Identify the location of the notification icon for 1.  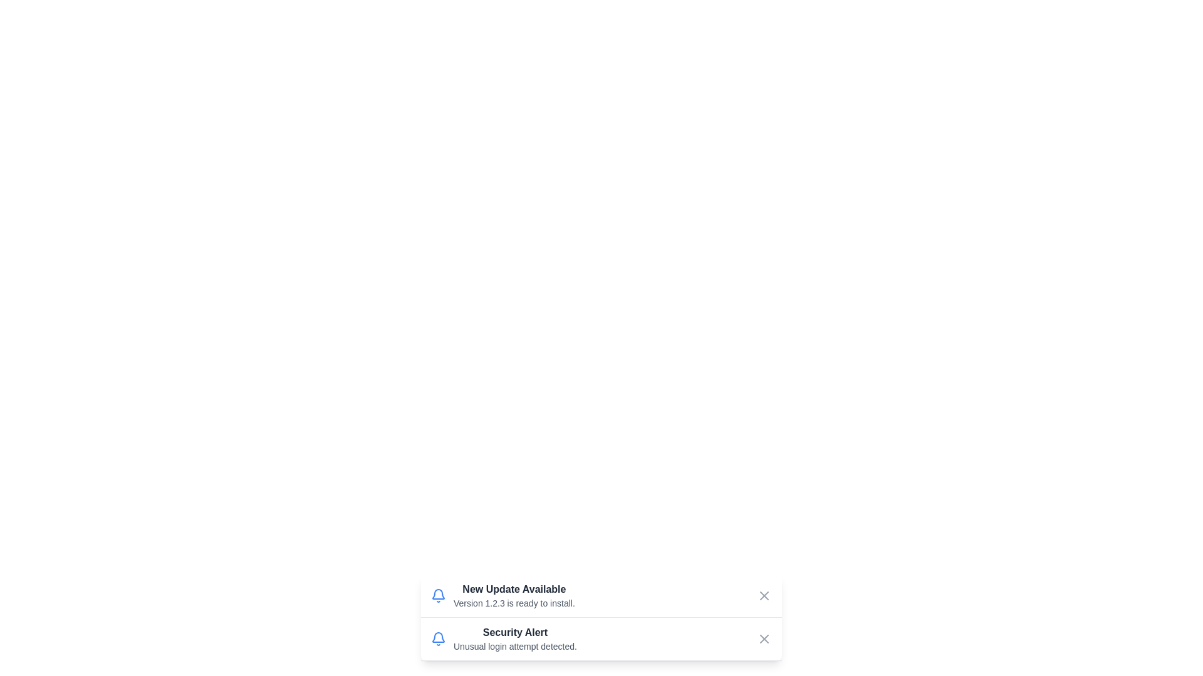
(439, 595).